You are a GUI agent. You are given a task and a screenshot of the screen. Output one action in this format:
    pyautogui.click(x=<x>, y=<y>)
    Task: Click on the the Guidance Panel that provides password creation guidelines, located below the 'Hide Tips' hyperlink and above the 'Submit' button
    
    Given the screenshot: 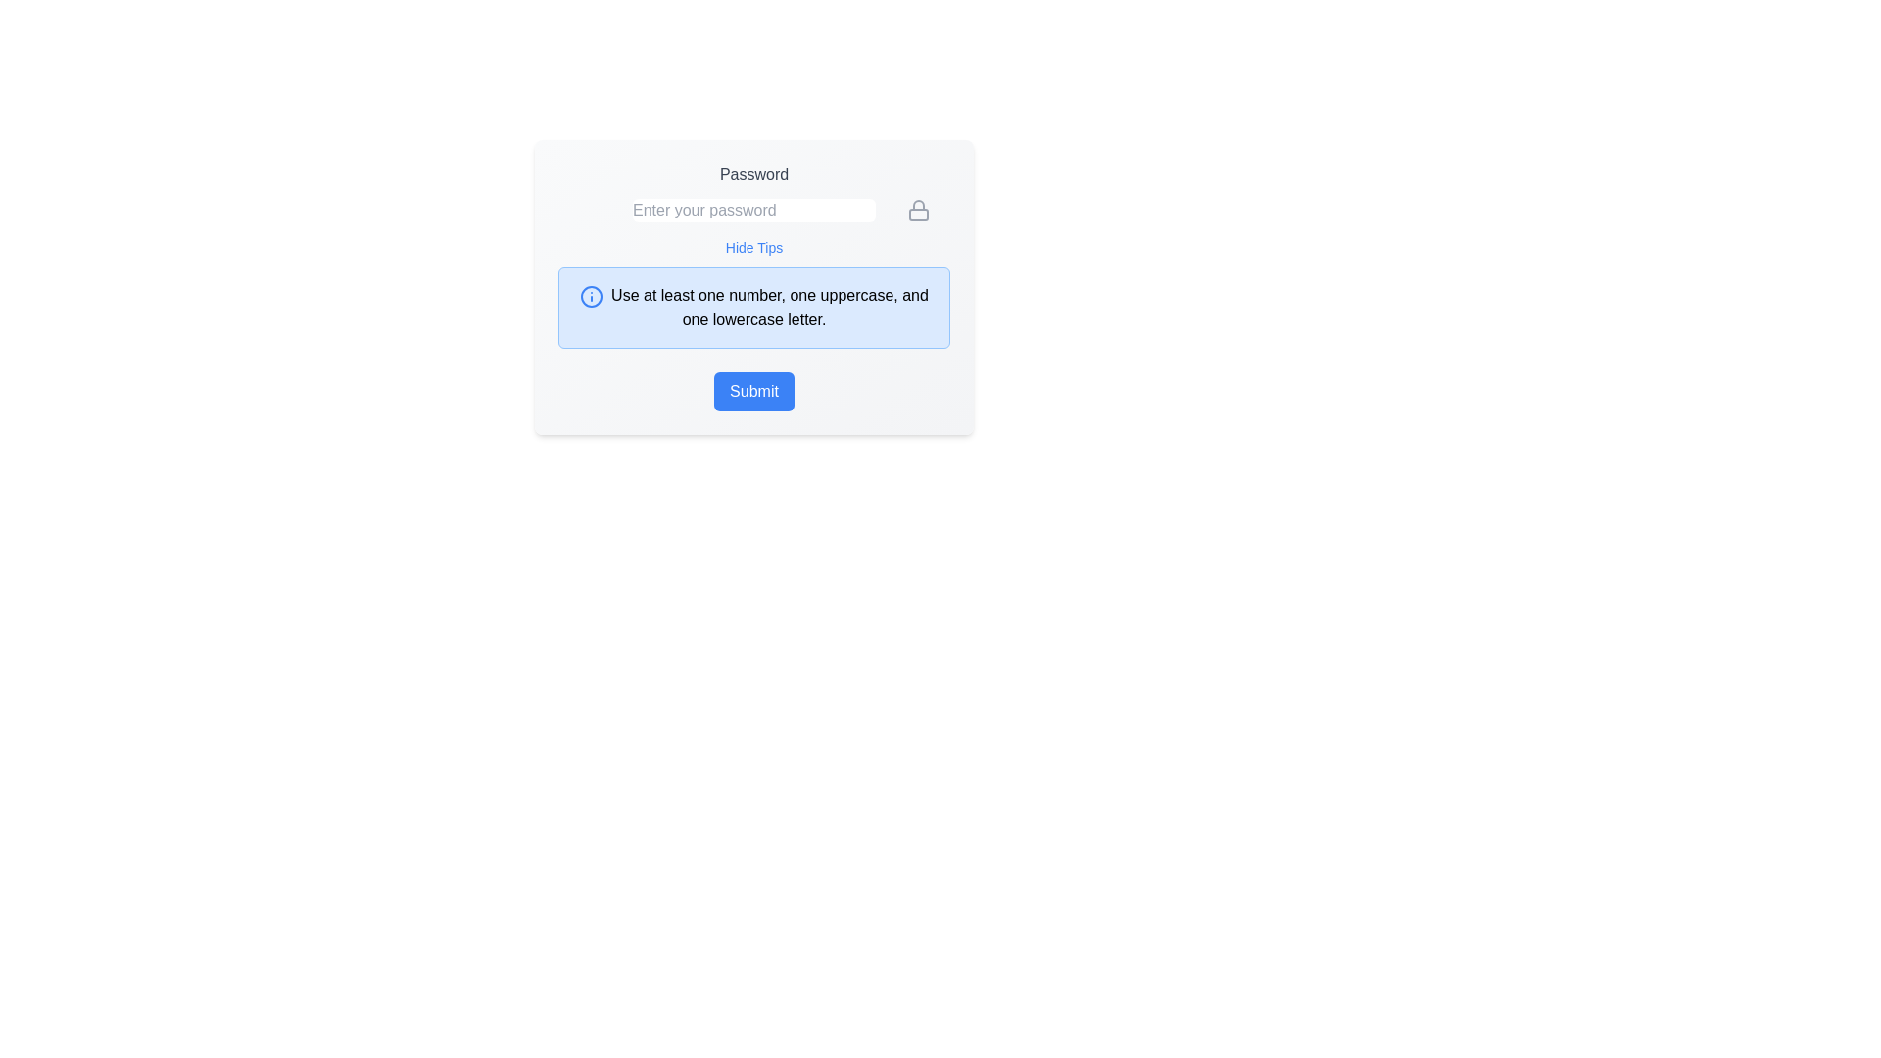 What is the action you would take?
    pyautogui.click(x=752, y=287)
    